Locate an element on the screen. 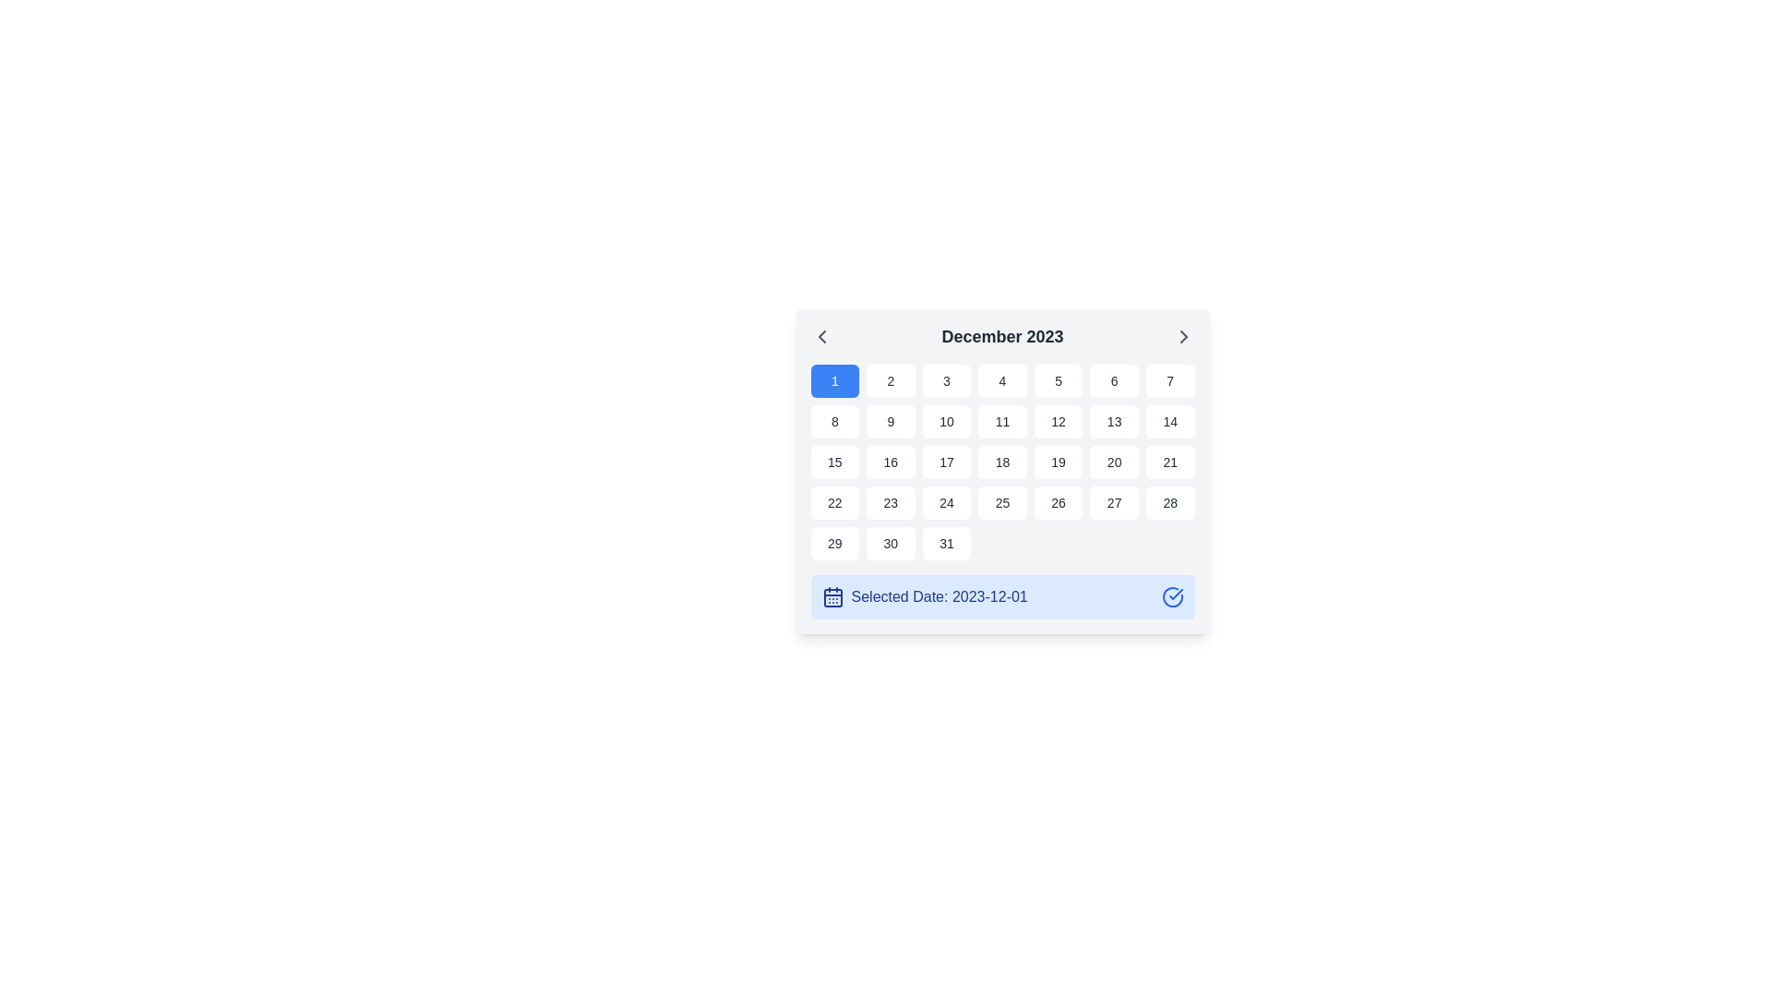 The height and width of the screenshot is (997, 1772). the button labeled '16' in the calendar grid is located at coordinates (891, 462).